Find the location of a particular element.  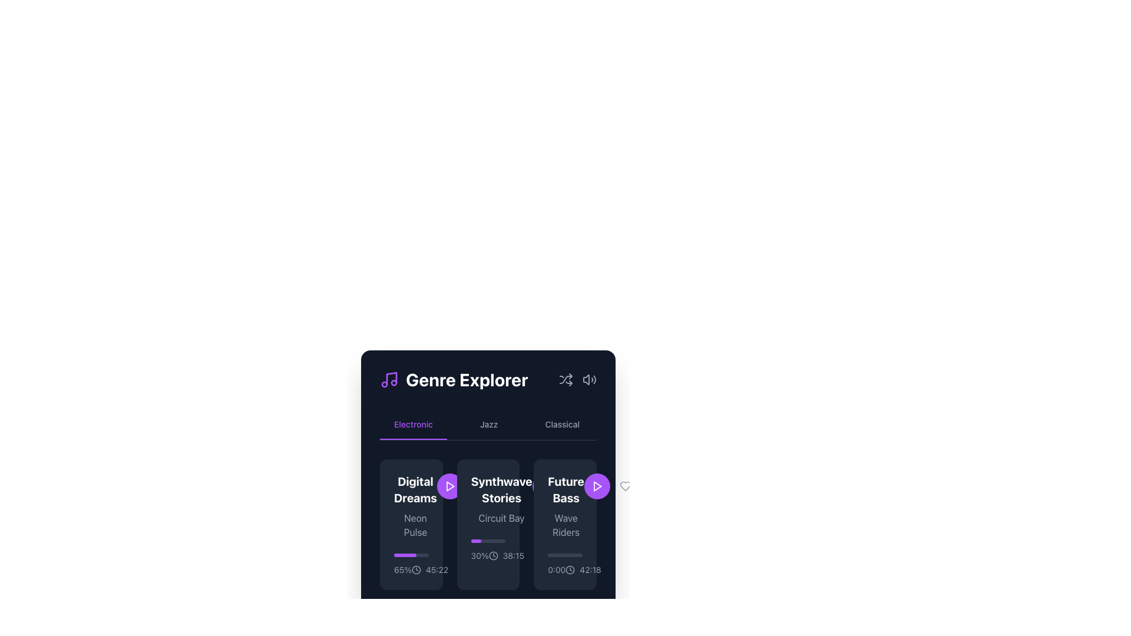

the static informational text with an embedded icon located at the bottom of the 'Digital Dreams' card in the 'Electronic' tab of the 'Genre Explorer' interface is located at coordinates (411, 569).